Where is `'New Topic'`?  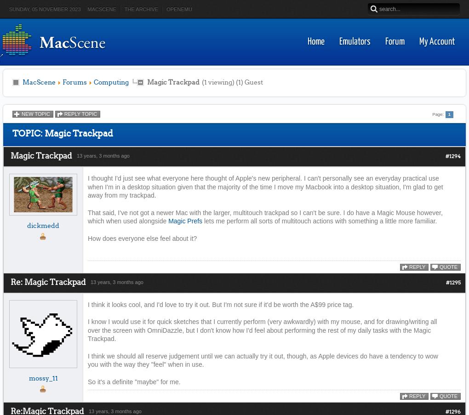 'New Topic' is located at coordinates (35, 114).